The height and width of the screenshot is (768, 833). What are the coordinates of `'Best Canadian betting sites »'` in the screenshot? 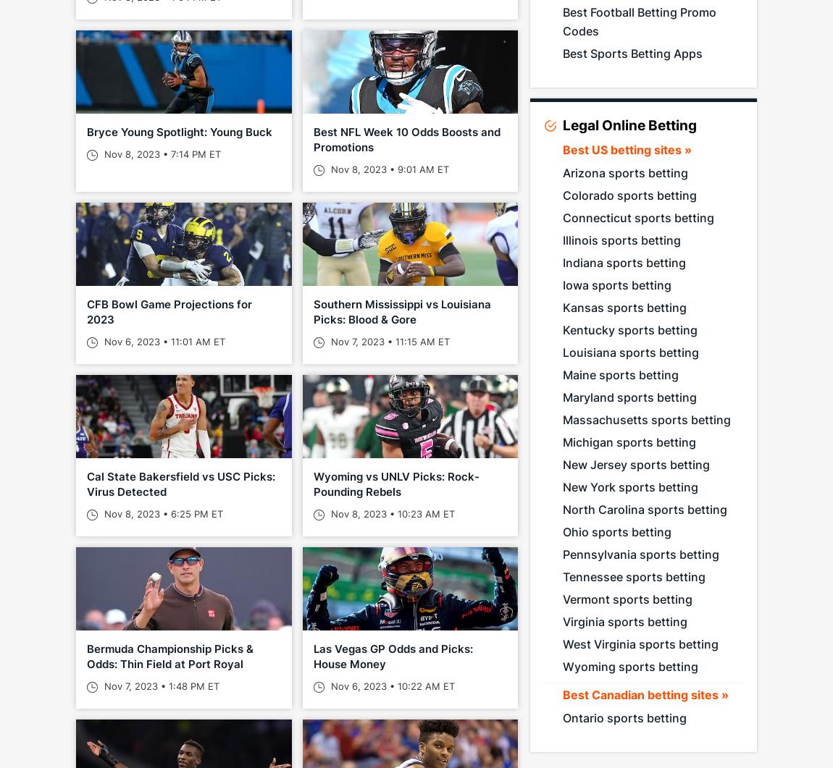 It's located at (645, 693).